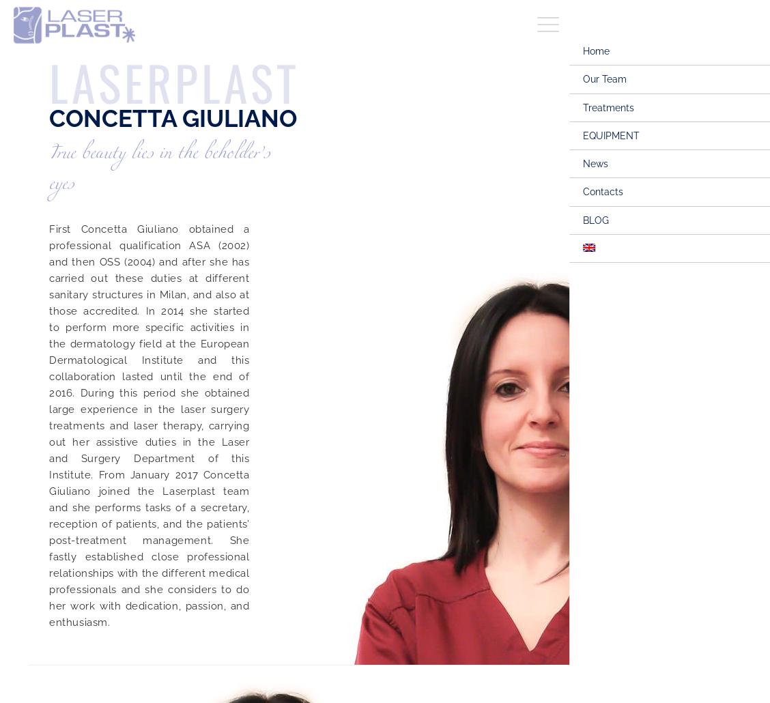 Image resolution: width=770 pixels, height=703 pixels. Describe the element at coordinates (608, 106) in the screenshot. I see `'Treatments'` at that location.